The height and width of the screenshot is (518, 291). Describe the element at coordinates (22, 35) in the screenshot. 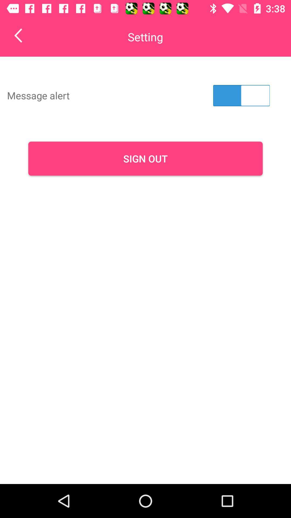

I see `the arrow_backward icon` at that location.